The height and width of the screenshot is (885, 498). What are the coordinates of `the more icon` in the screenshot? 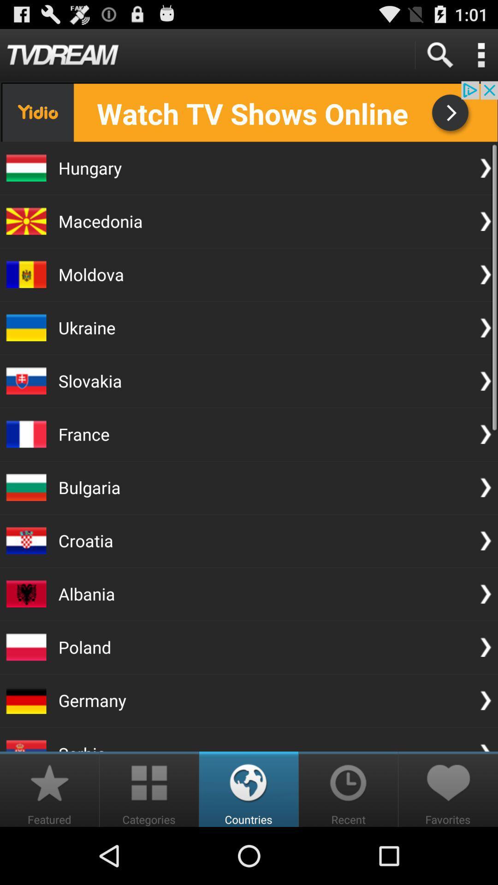 It's located at (480, 59).